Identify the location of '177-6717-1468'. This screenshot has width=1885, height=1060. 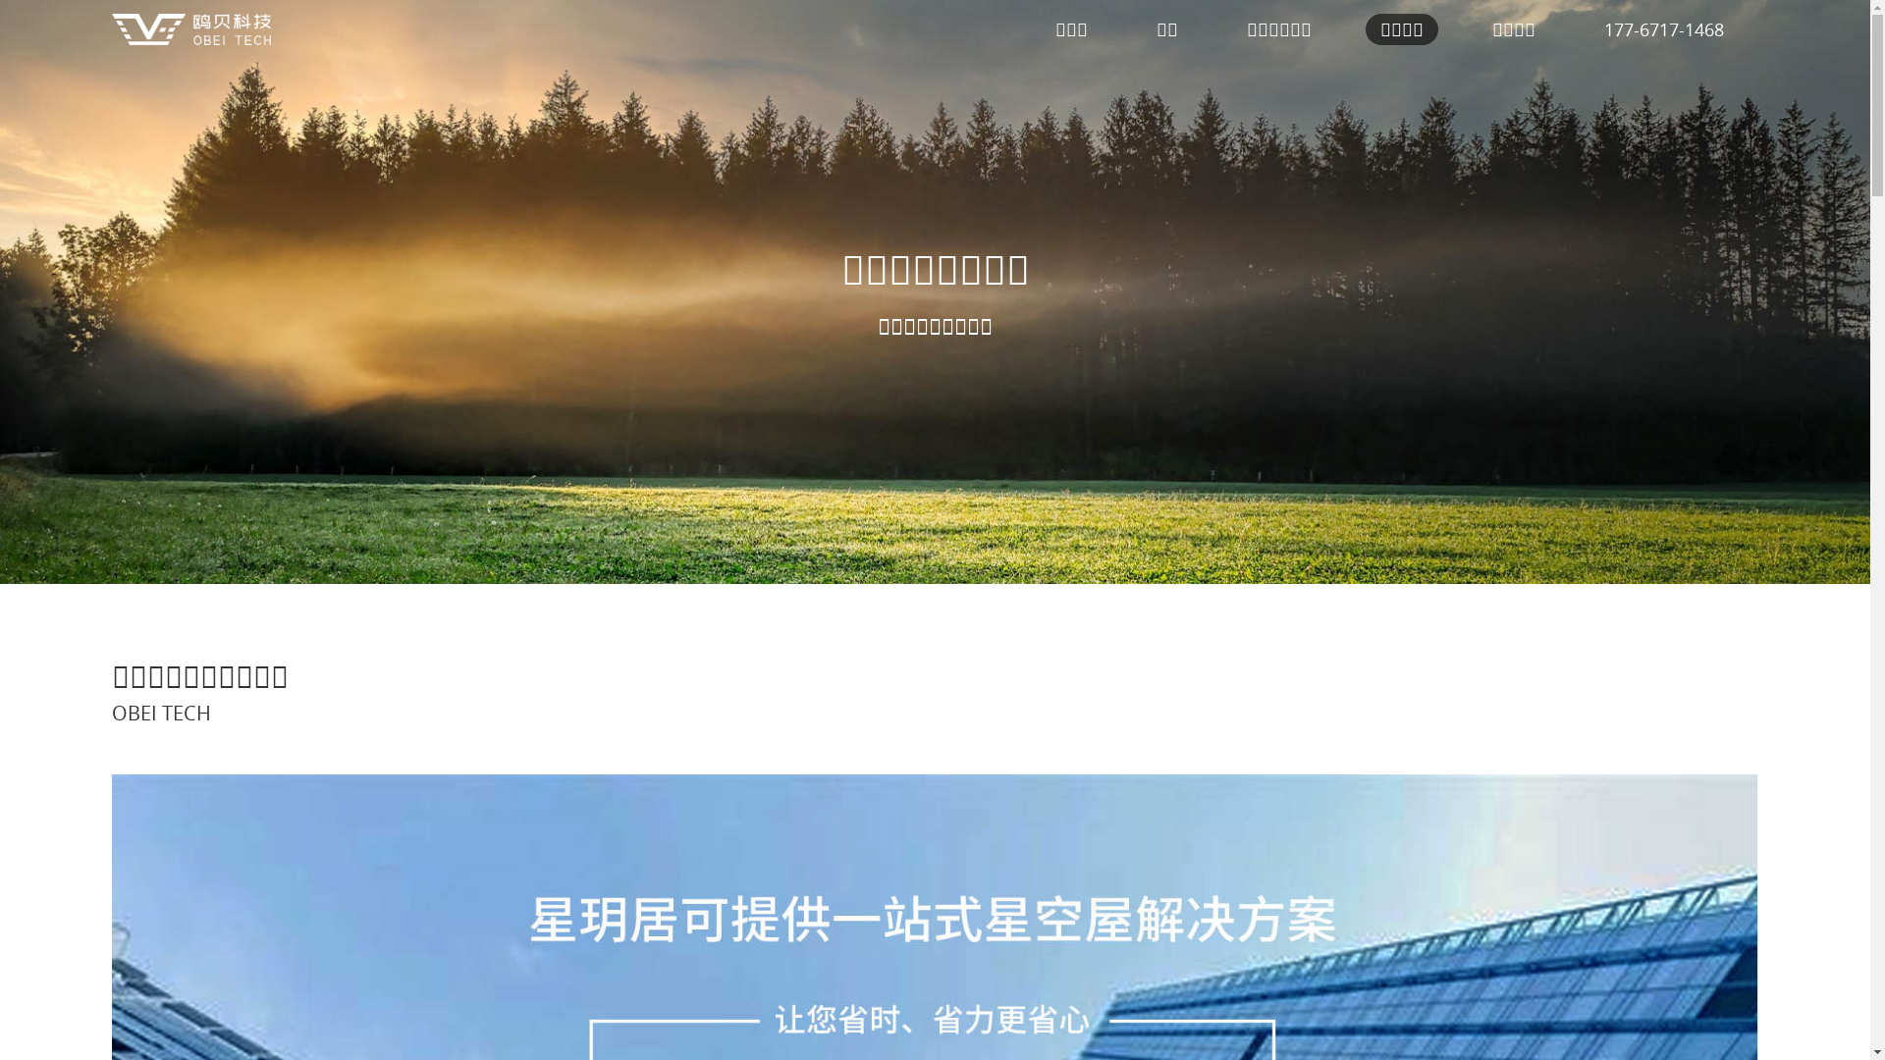
(1662, 29).